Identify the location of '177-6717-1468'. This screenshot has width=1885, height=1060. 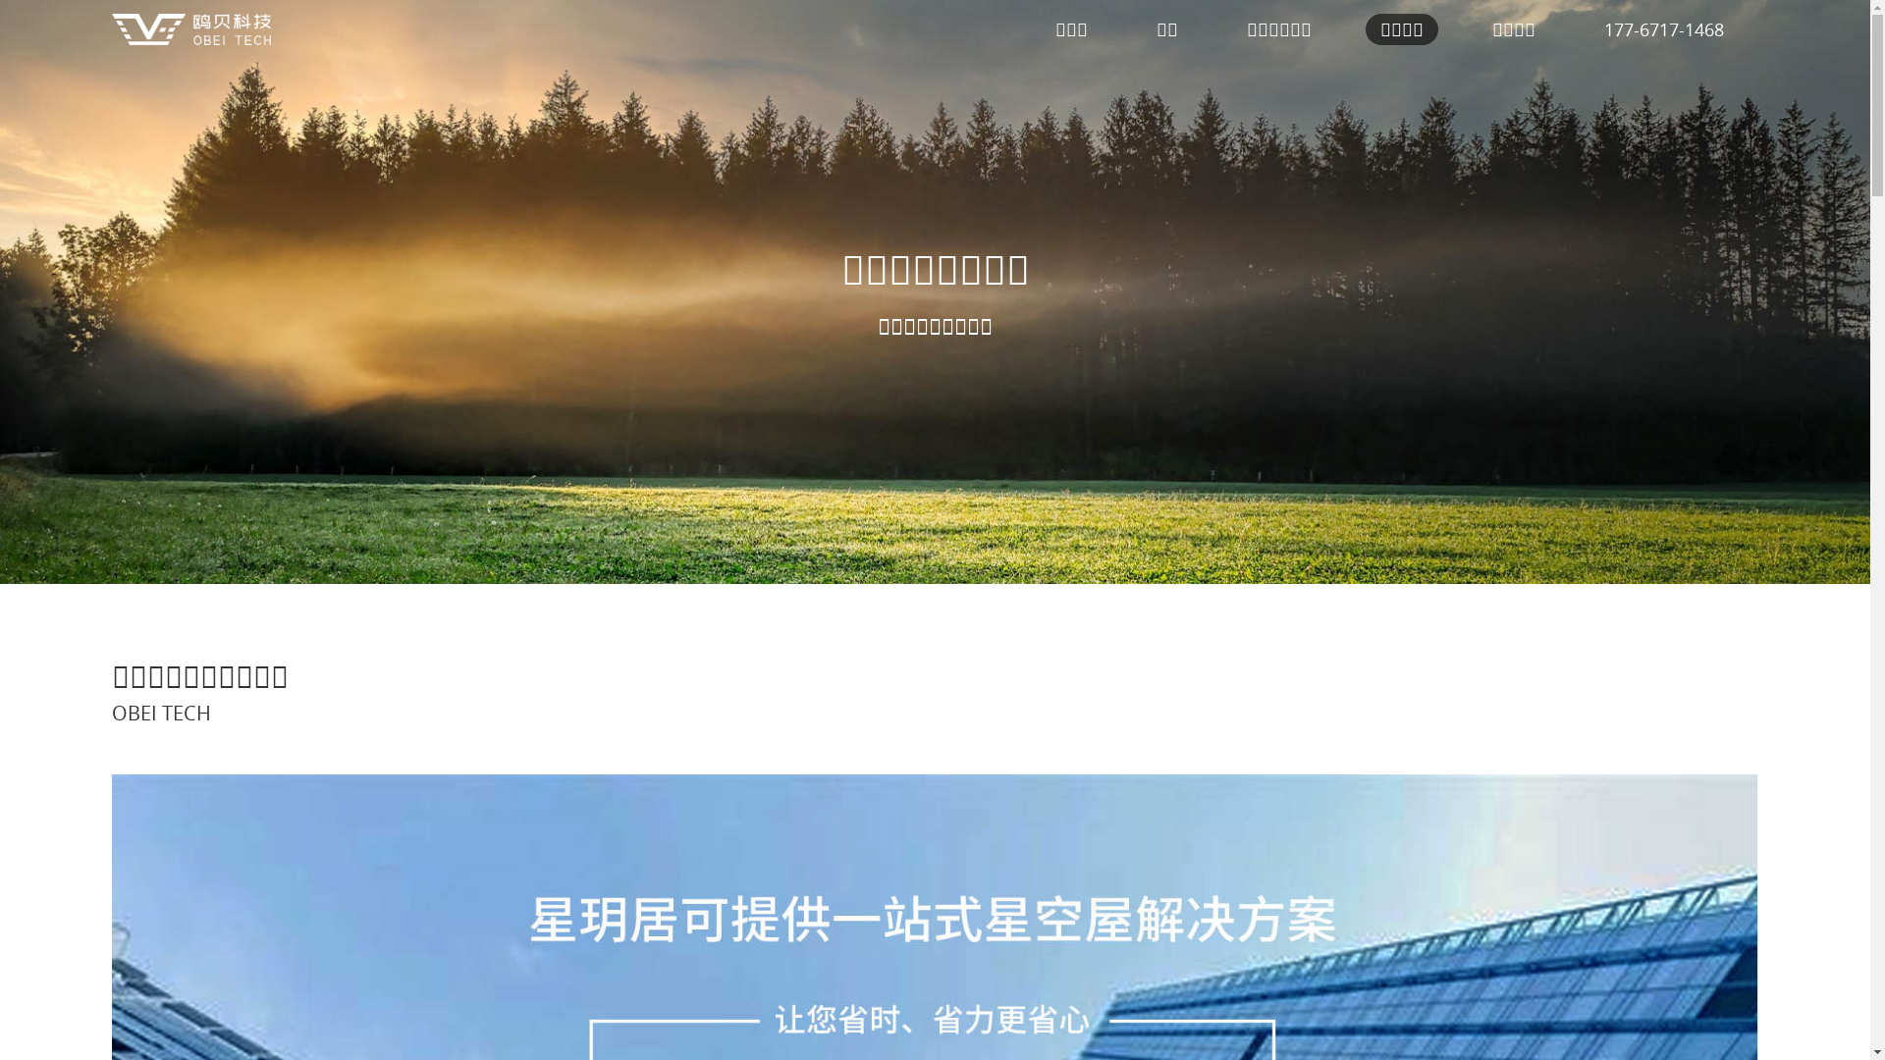
(1662, 29).